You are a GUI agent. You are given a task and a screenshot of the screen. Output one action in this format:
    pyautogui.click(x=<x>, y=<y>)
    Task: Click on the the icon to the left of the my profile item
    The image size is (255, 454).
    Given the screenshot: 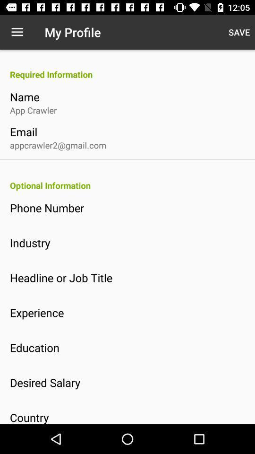 What is the action you would take?
    pyautogui.click(x=17, y=32)
    